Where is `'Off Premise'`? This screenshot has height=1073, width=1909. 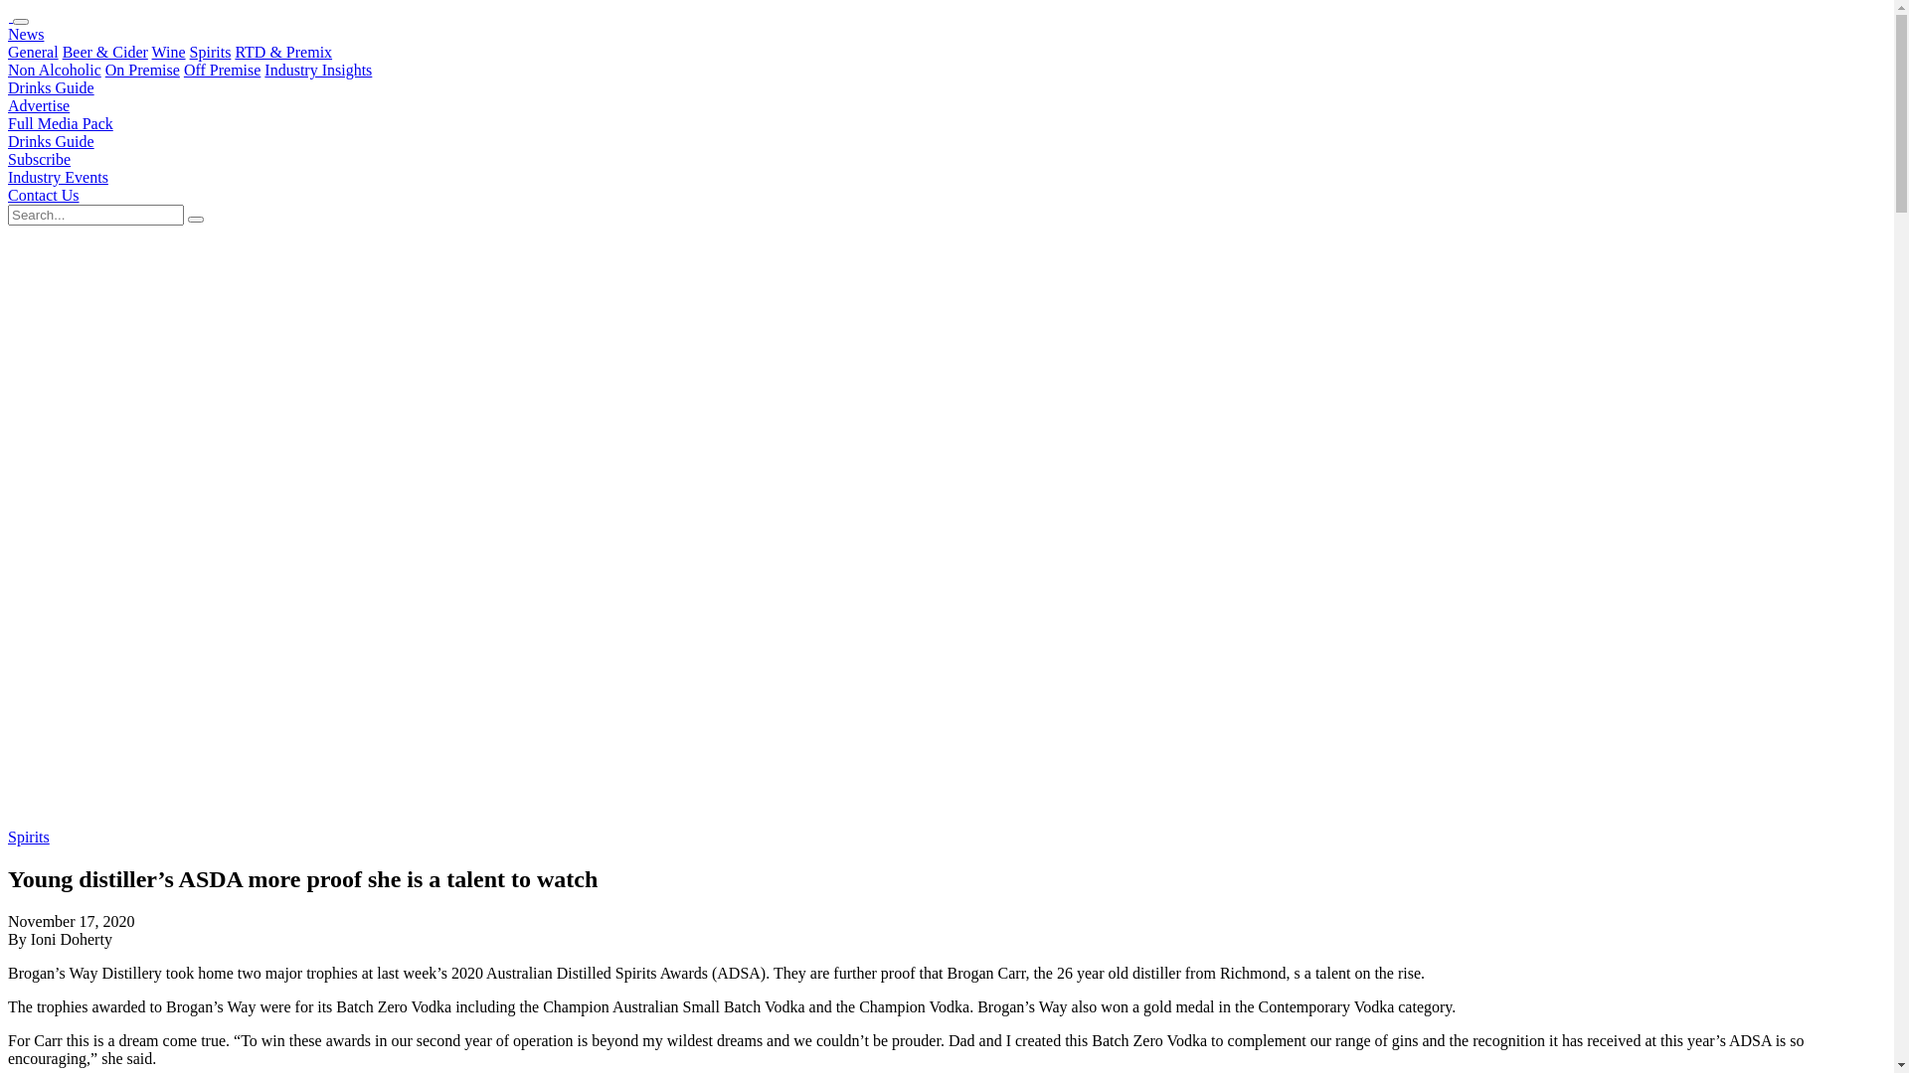
'Off Premise' is located at coordinates (222, 69).